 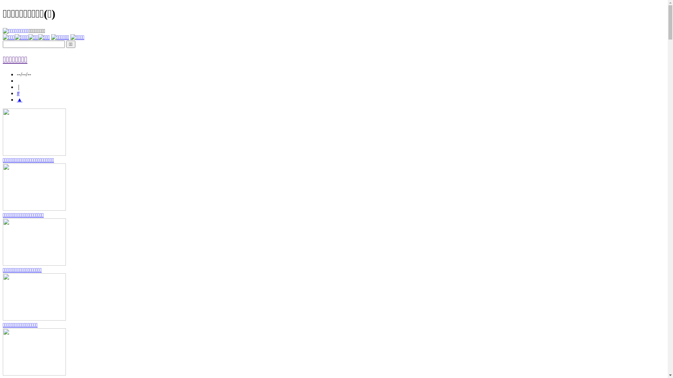 What do you see at coordinates (18, 93) in the screenshot?
I see `'#'` at bounding box center [18, 93].